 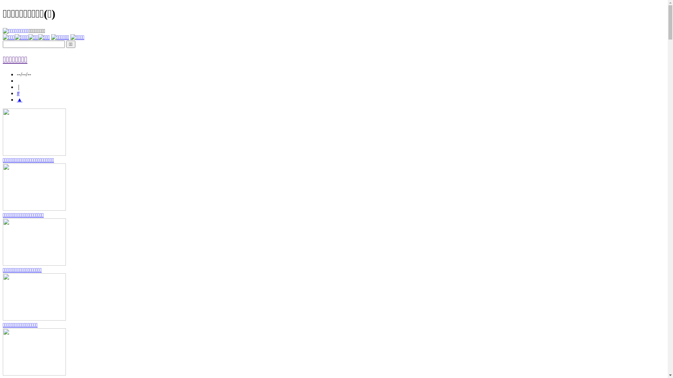 What do you see at coordinates (18, 93) in the screenshot?
I see `'#'` at bounding box center [18, 93].